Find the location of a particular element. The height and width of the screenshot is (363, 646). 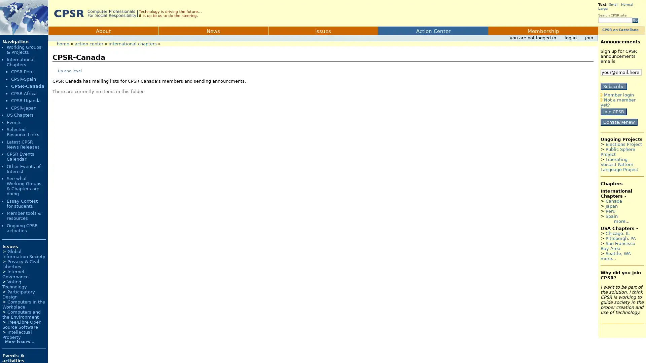

Join CPSR is located at coordinates (613, 111).